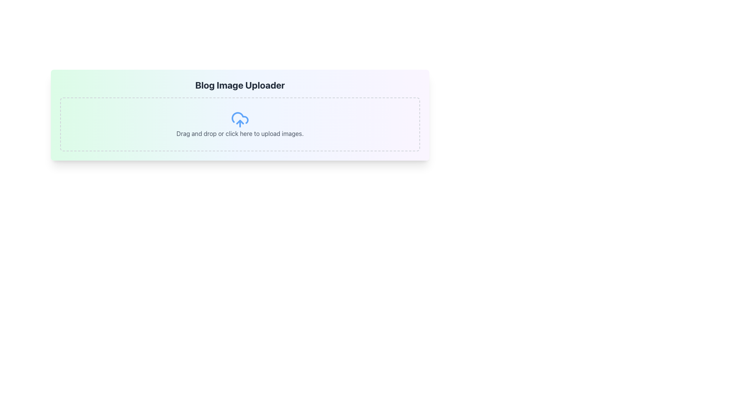 Image resolution: width=740 pixels, height=416 pixels. Describe the element at coordinates (240, 124) in the screenshot. I see `the invisible file input field located within the dashed-bordered upload box` at that location.